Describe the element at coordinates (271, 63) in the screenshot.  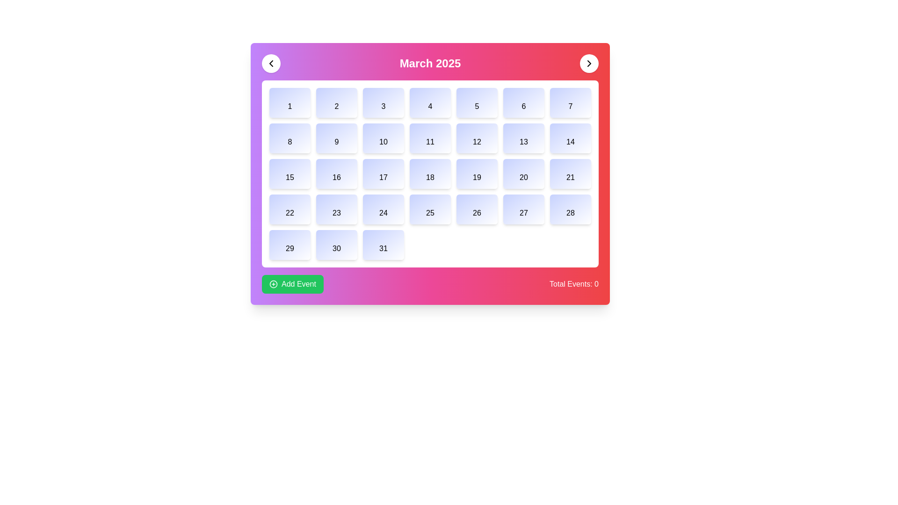
I see `the leftward-pointing chevron arrow SVG icon located within the circular button in the top-left corner of the calendar interface` at that location.